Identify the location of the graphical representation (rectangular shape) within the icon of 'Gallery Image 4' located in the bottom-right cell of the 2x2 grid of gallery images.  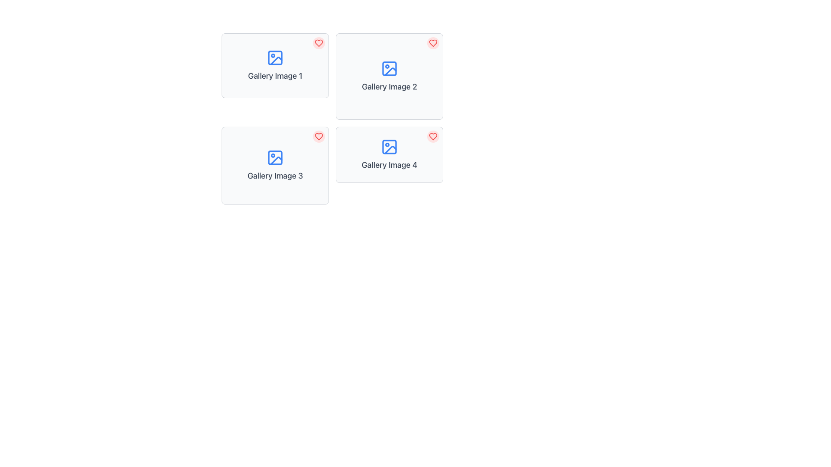
(389, 146).